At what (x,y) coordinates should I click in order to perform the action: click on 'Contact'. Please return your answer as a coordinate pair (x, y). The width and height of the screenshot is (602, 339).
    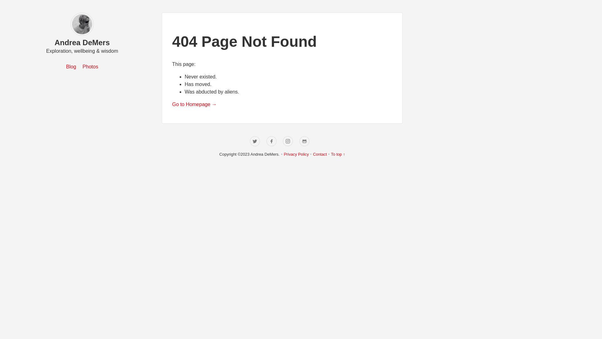
    Looking at the image, I should click on (319, 154).